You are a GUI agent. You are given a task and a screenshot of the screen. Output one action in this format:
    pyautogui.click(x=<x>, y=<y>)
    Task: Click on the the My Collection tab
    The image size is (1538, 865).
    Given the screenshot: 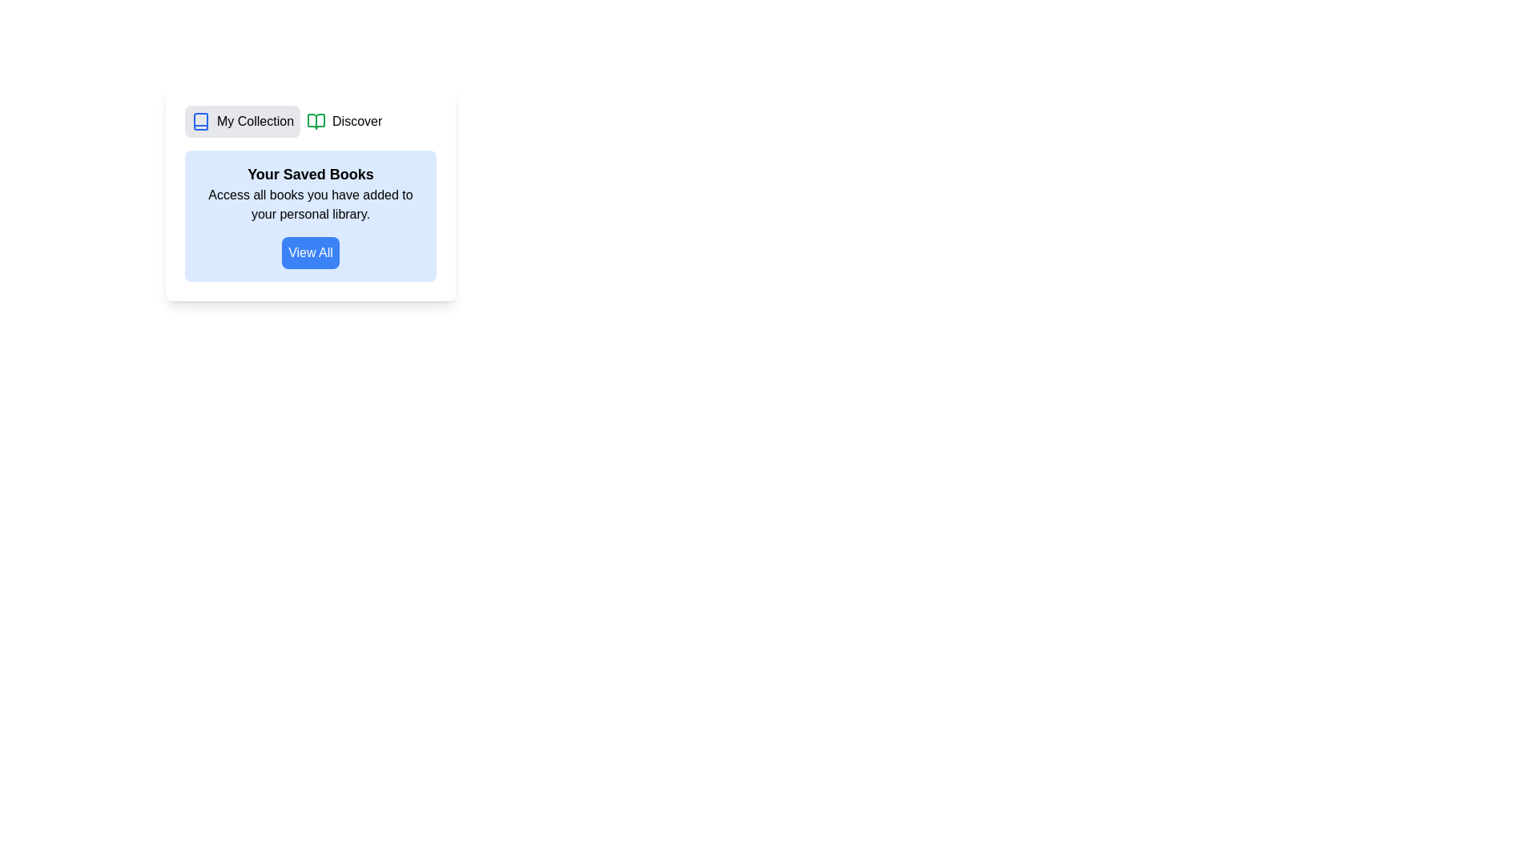 What is the action you would take?
    pyautogui.click(x=241, y=120)
    